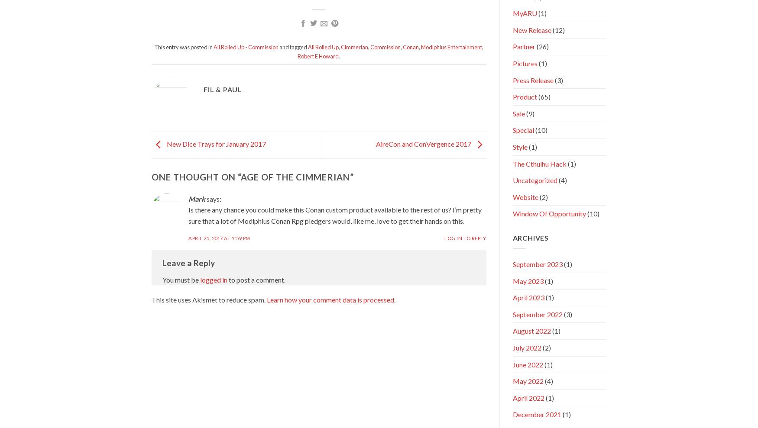 The image size is (758, 428). Describe the element at coordinates (525, 13) in the screenshot. I see `'MyARU'` at that location.